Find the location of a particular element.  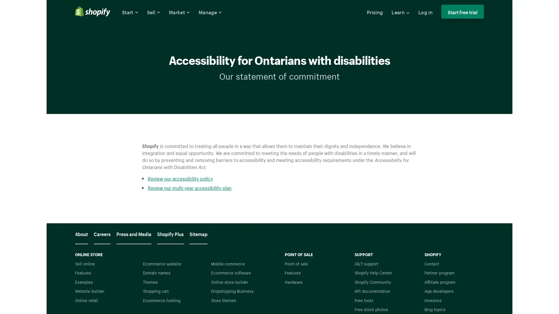

Start free trial is located at coordinates (462, 11).